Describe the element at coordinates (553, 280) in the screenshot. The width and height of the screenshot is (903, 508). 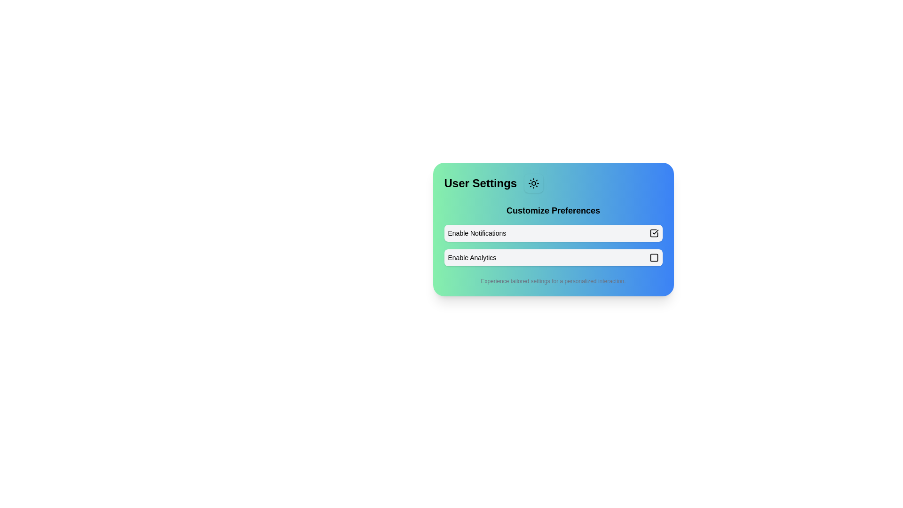
I see `the centered text label displaying 'Experience tailored settings for a personalized interaction.' which is positioned at the bottom of the card-like UI element` at that location.